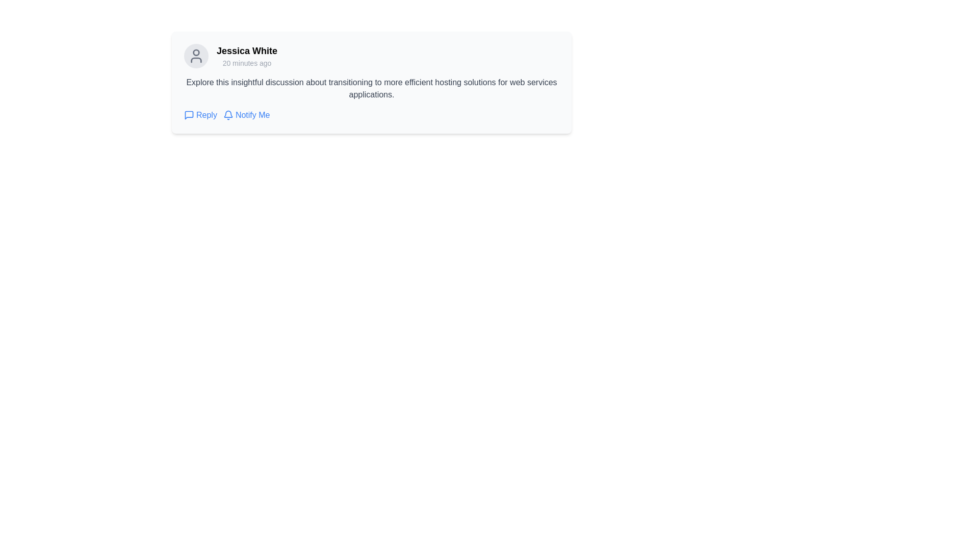  I want to click on the text block styled in gray, discussing efficient hosting solutions for web services, positioned below the header 'Jessica White, 20 minutes ago' and above the links 'Reply' and 'Notify Me', so click(371, 88).